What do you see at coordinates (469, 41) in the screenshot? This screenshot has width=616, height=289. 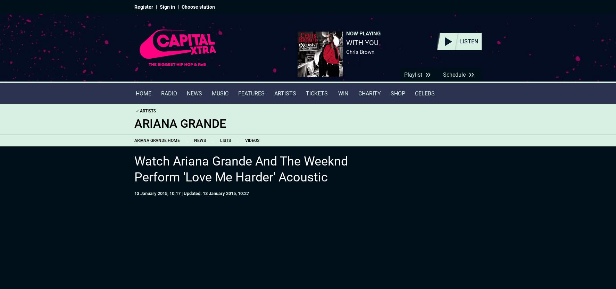 I see `'Listen'` at bounding box center [469, 41].